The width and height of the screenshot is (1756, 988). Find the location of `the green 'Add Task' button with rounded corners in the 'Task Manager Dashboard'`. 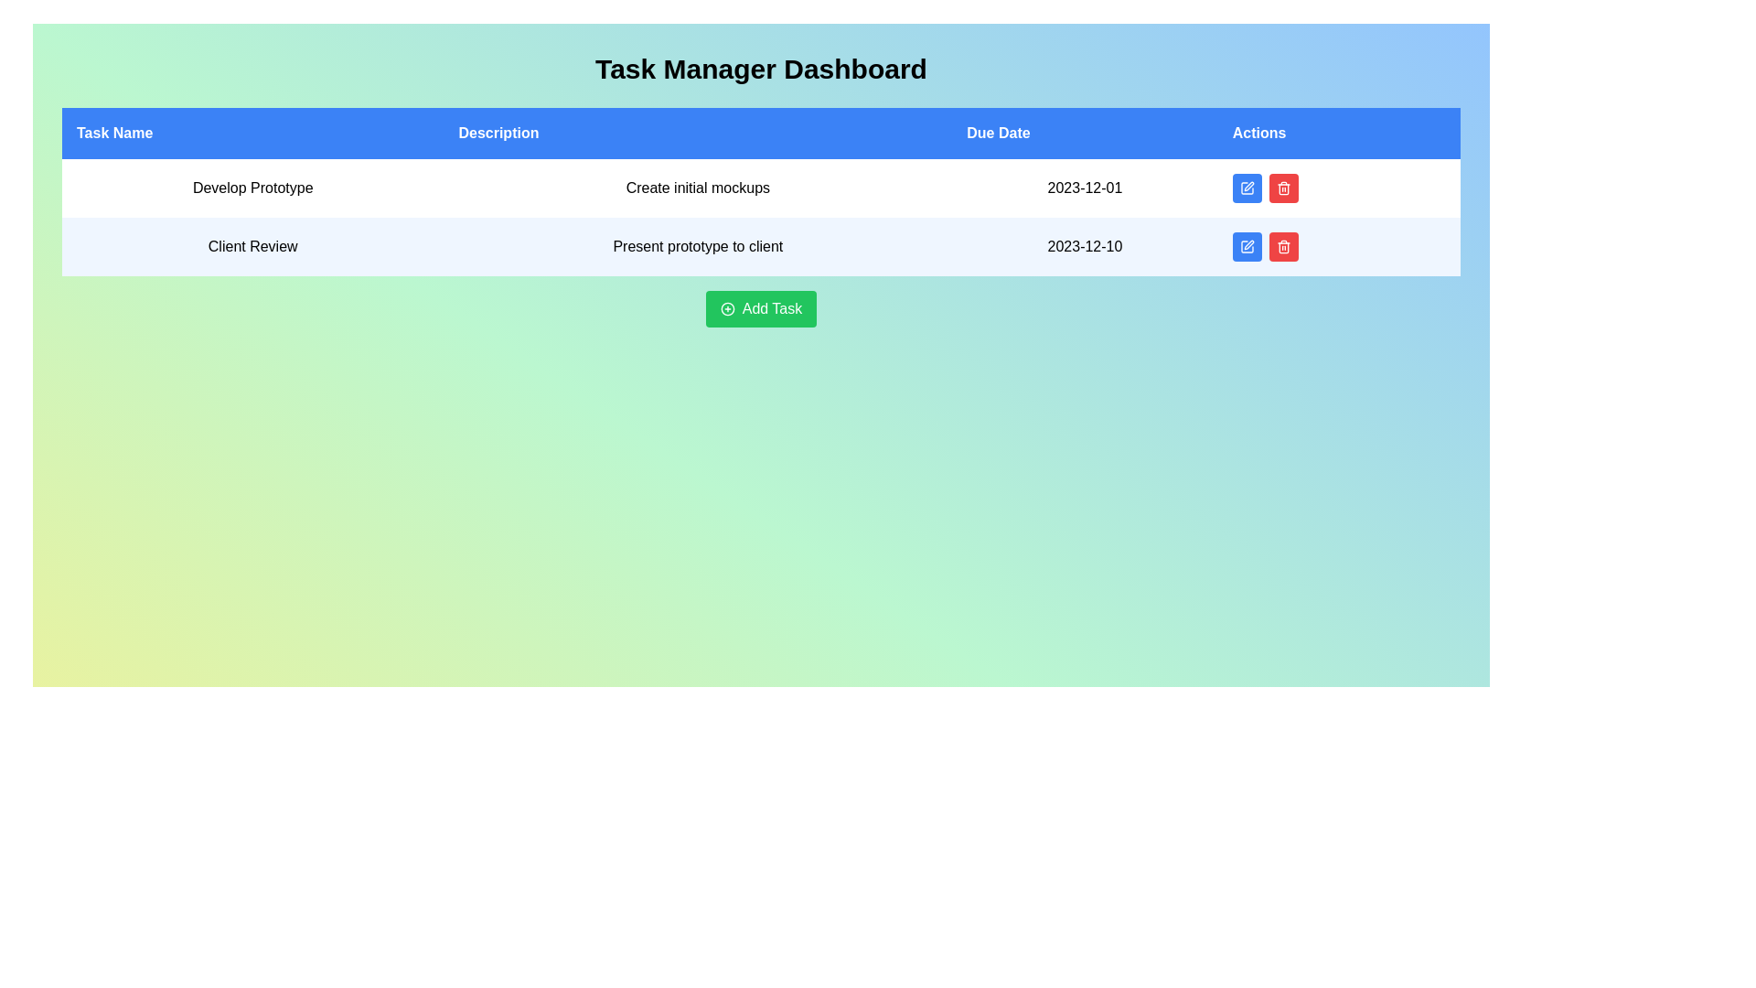

the green 'Add Task' button with rounded corners in the 'Task Manager Dashboard' is located at coordinates (761, 308).